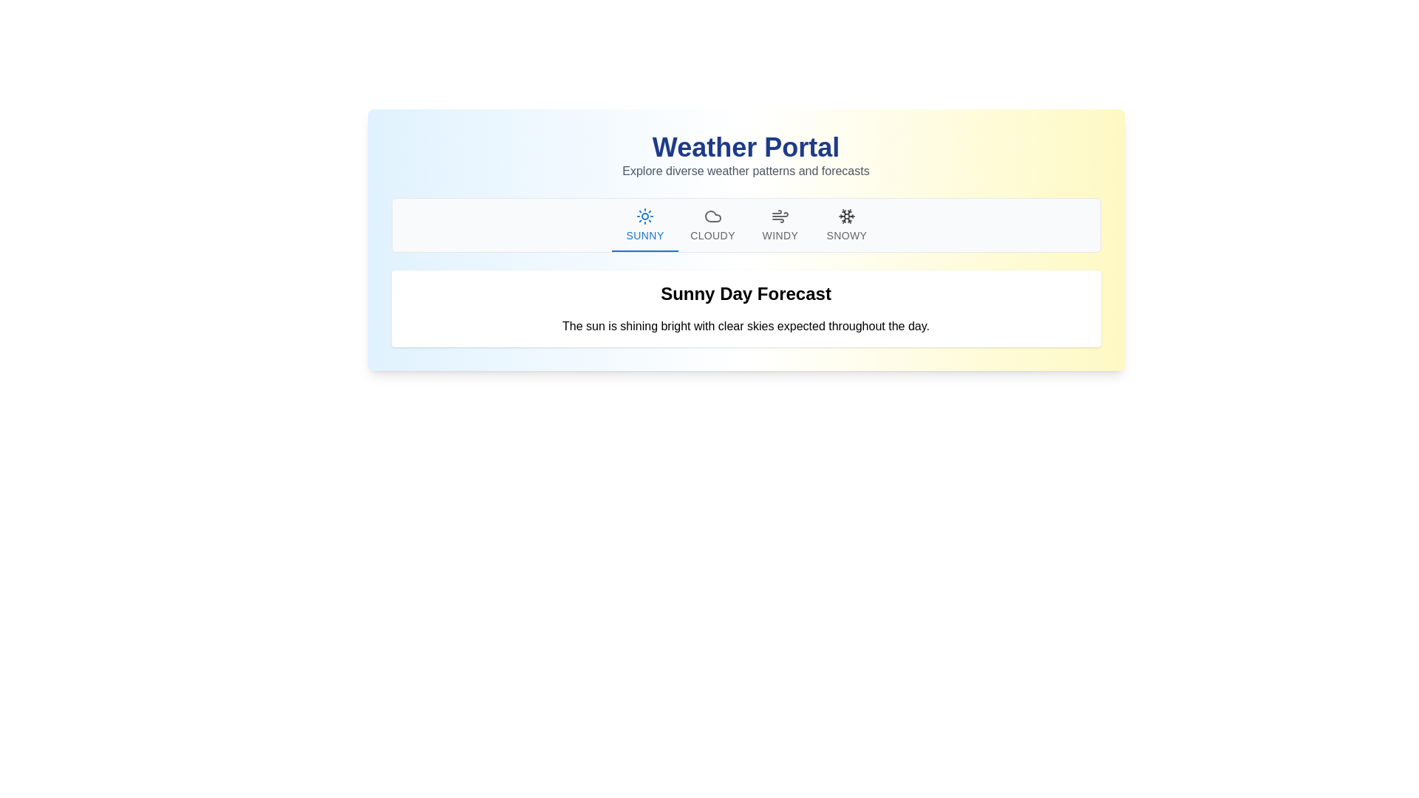  What do you see at coordinates (712, 225) in the screenshot?
I see `the 'Cloudy' tab button` at bounding box center [712, 225].